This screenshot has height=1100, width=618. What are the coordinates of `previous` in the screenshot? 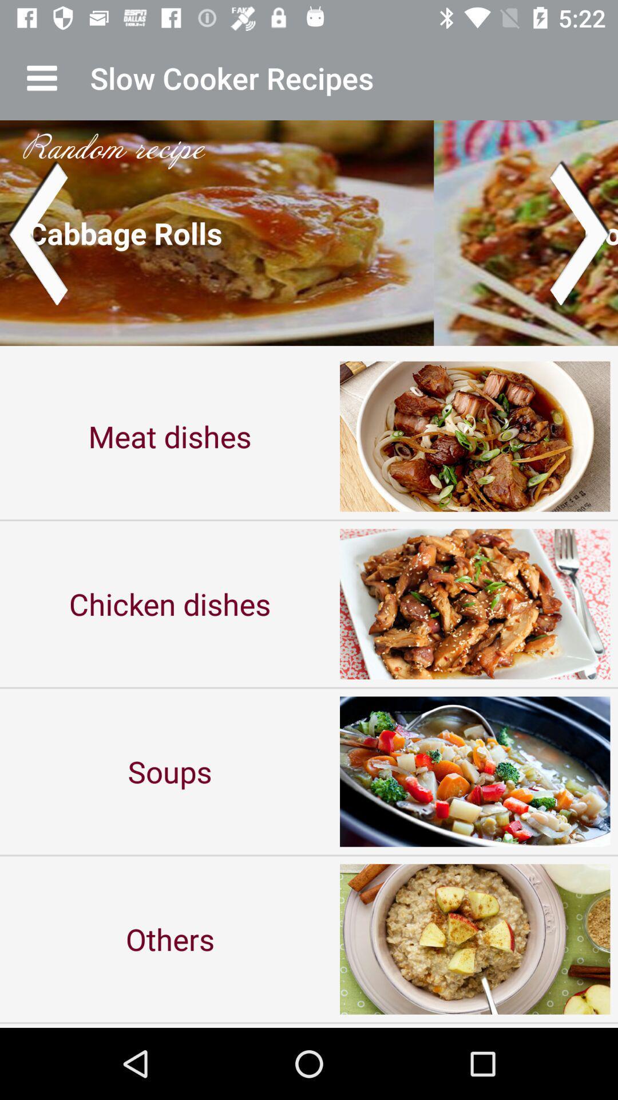 It's located at (37, 232).